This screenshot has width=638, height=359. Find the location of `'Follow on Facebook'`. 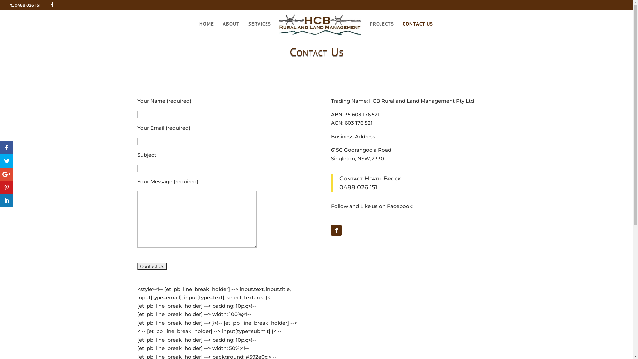

'Follow on Facebook' is located at coordinates (336, 230).